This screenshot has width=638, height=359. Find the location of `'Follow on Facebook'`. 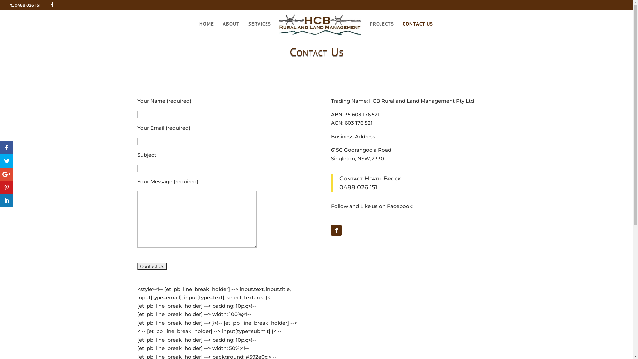

'Follow on Facebook' is located at coordinates (336, 230).